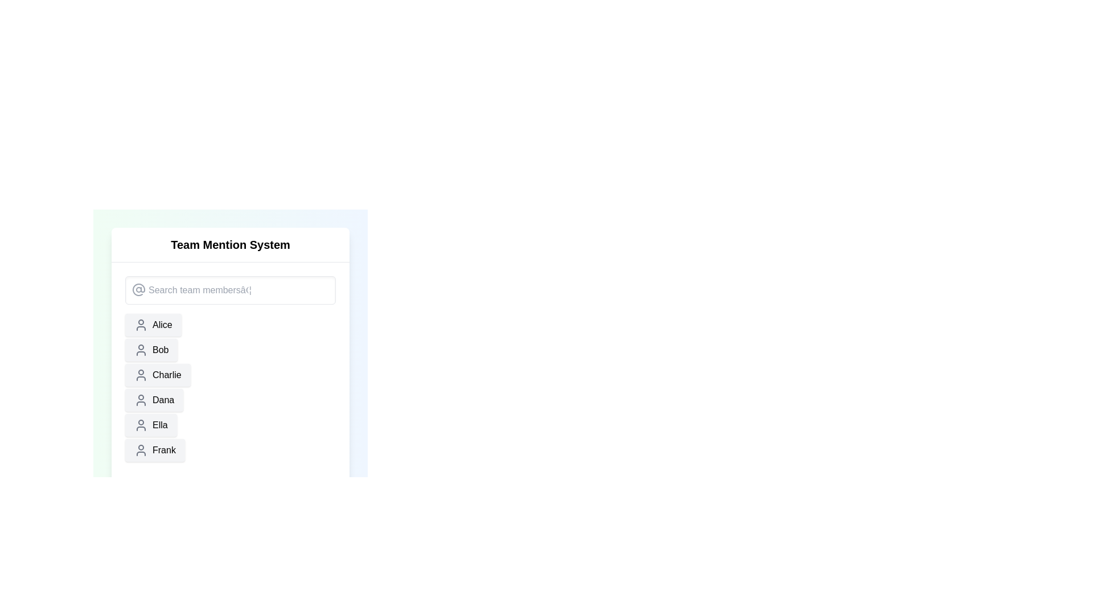 This screenshot has height=615, width=1093. What do you see at coordinates (138, 289) in the screenshot?
I see `the at-sign icon styled in a circular outline format, which is located at the top-left corner of the associated text input field` at bounding box center [138, 289].